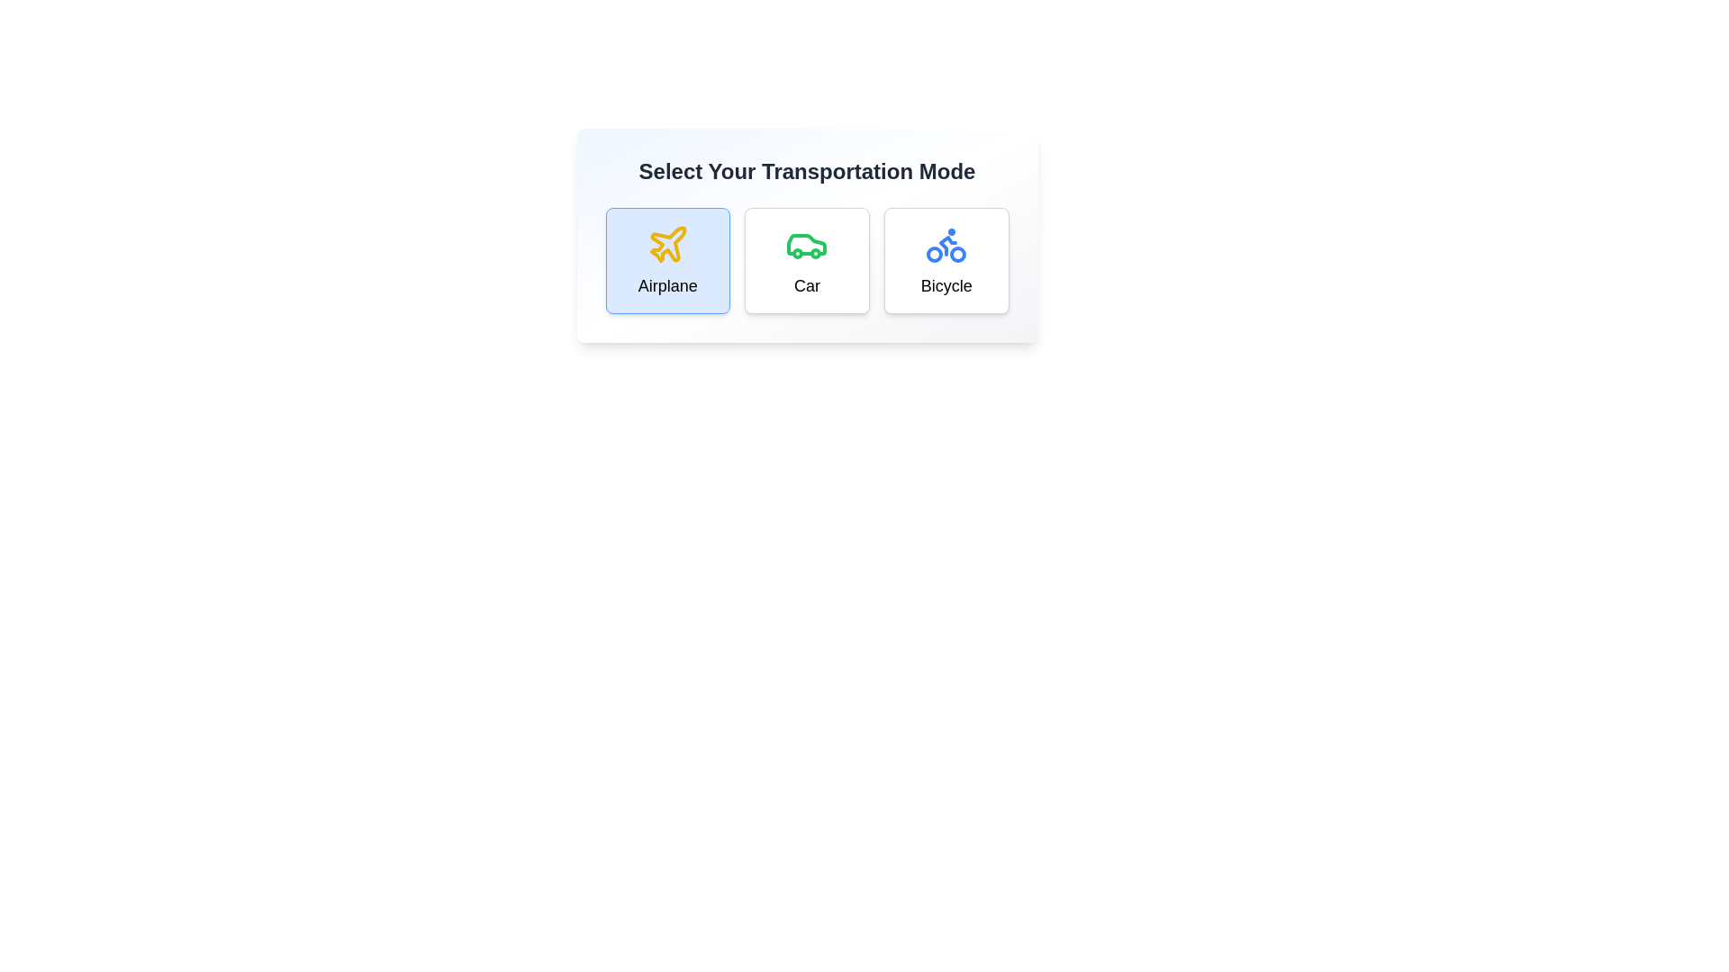 The width and height of the screenshot is (1729, 972). Describe the element at coordinates (935, 254) in the screenshot. I see `the small blue circular shape representing the left wheel of the bicycle icon within the 'Bicycle' button` at that location.